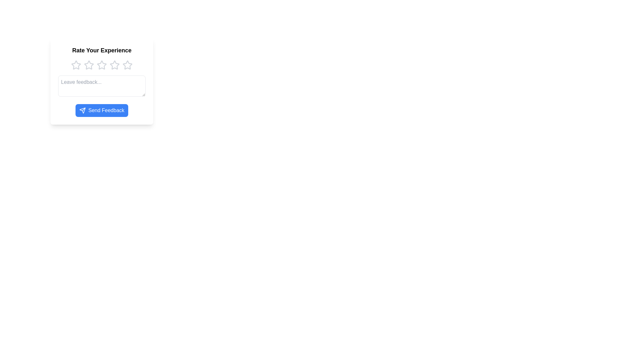 This screenshot has height=347, width=617. Describe the element at coordinates (114, 65) in the screenshot. I see `the third star icon` at that location.